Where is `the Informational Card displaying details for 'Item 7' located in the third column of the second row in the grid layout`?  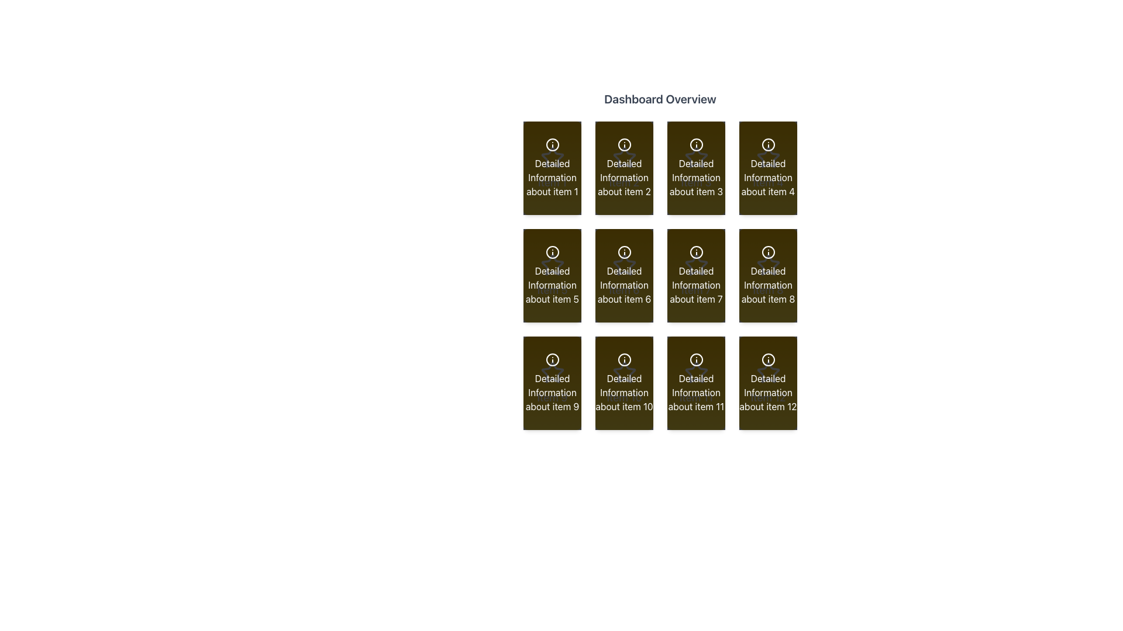 the Informational Card displaying details for 'Item 7' located in the third column of the second row in the grid layout is located at coordinates (696, 275).